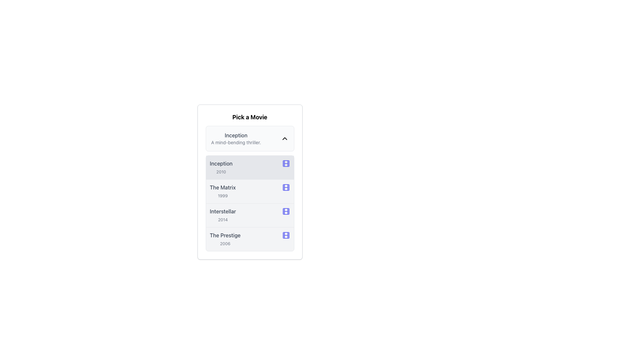 The height and width of the screenshot is (354, 630). I want to click on the text display element showing 'Interstellar' and '2014', so click(223, 215).